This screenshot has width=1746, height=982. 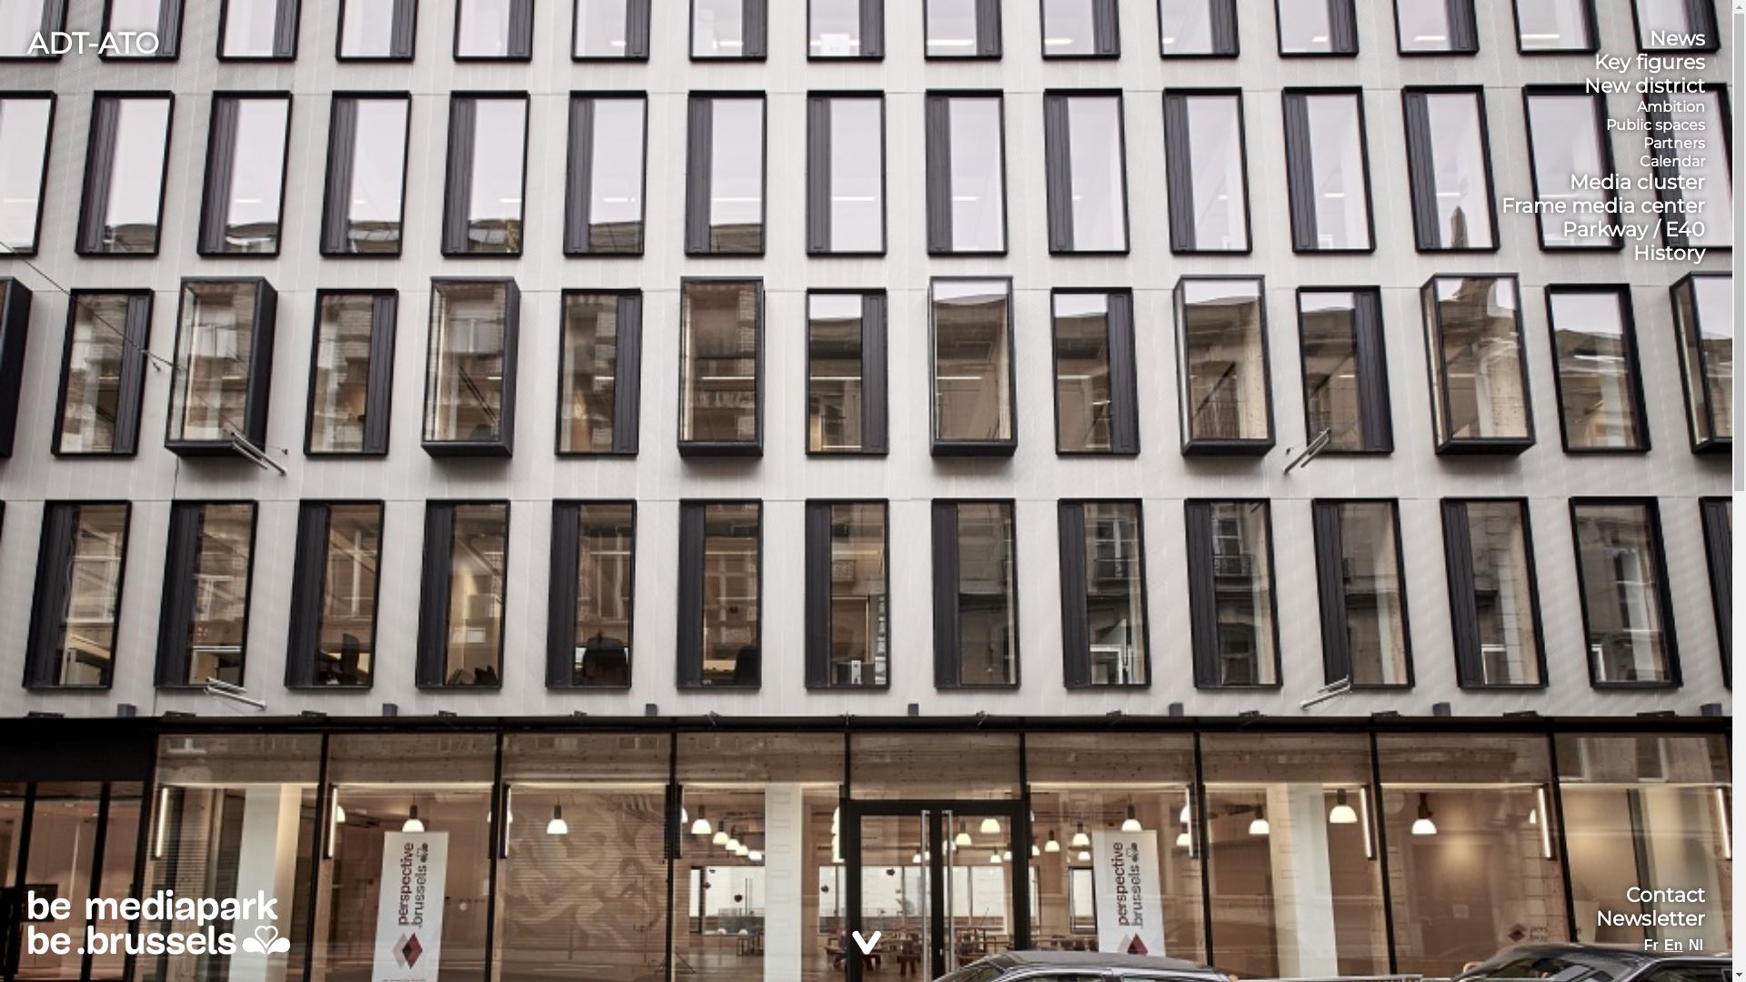 What do you see at coordinates (1561, 229) in the screenshot?
I see `'Parkway / E40'` at bounding box center [1561, 229].